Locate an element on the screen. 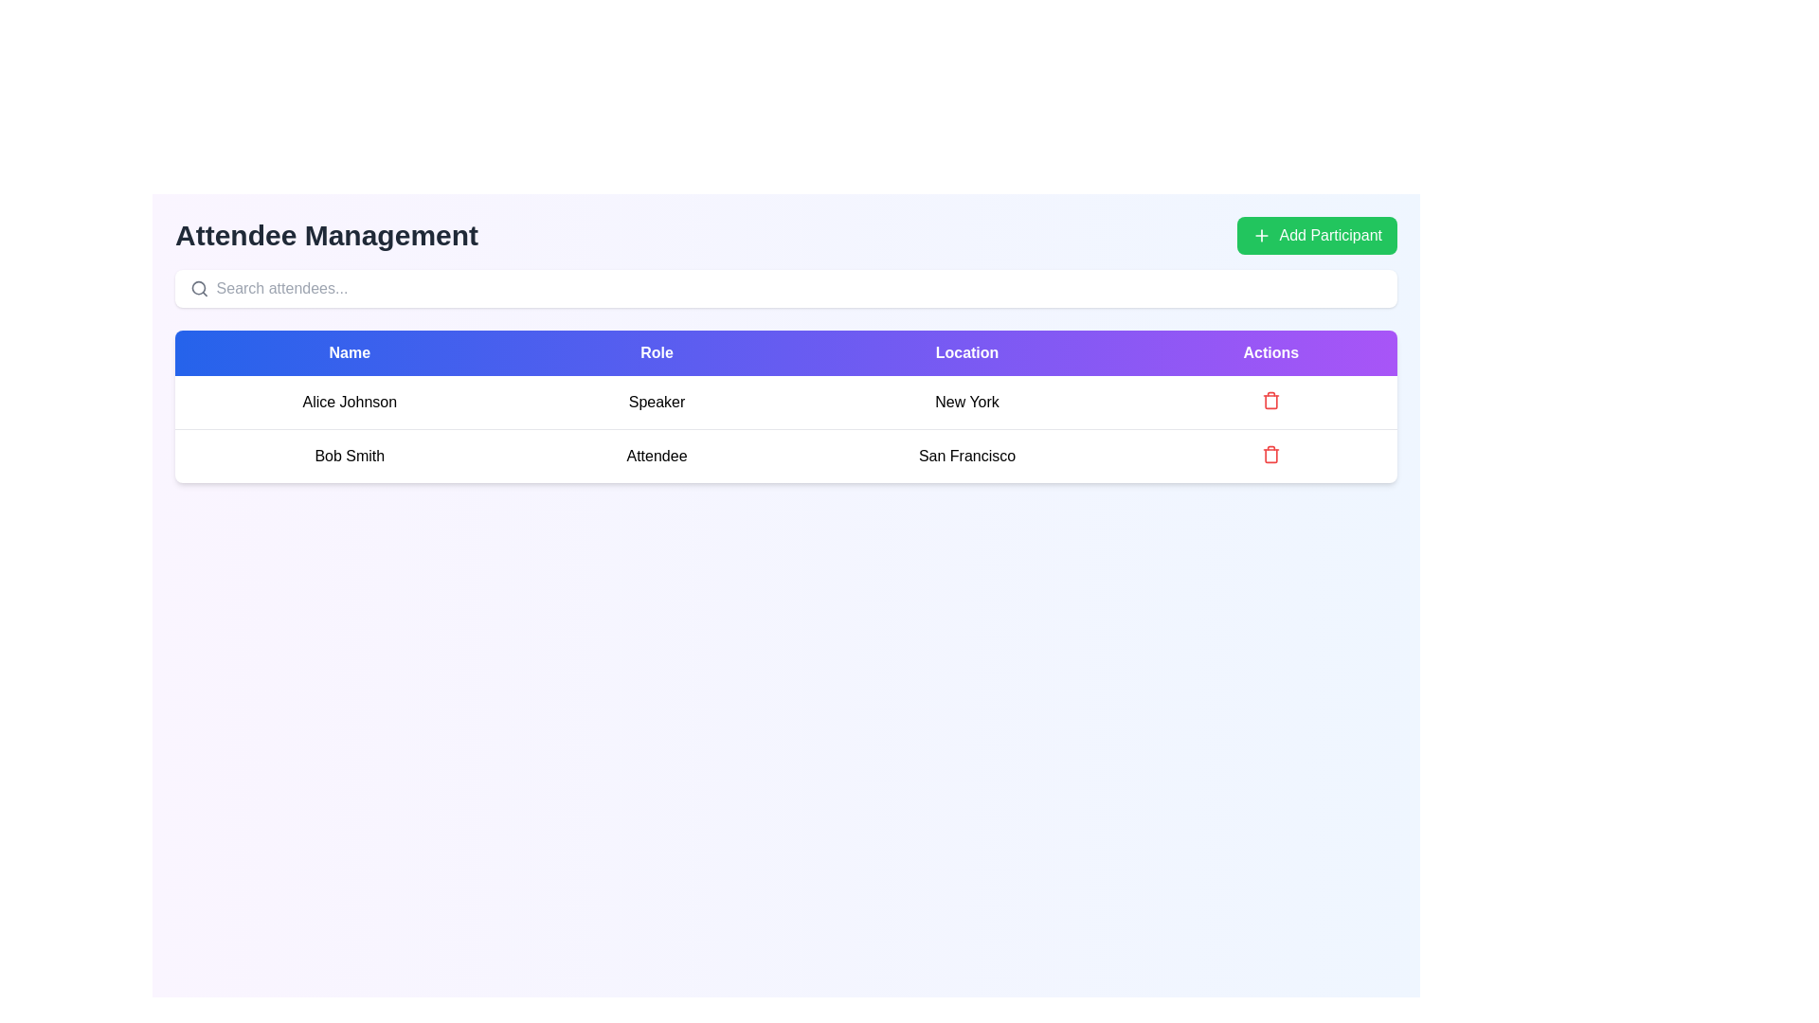 This screenshot has width=1819, height=1023. the search icon, which is represented by a magnifying glass graphic, located to the left of the search bar beneath the title 'Attendee Management' is located at coordinates (199, 288).